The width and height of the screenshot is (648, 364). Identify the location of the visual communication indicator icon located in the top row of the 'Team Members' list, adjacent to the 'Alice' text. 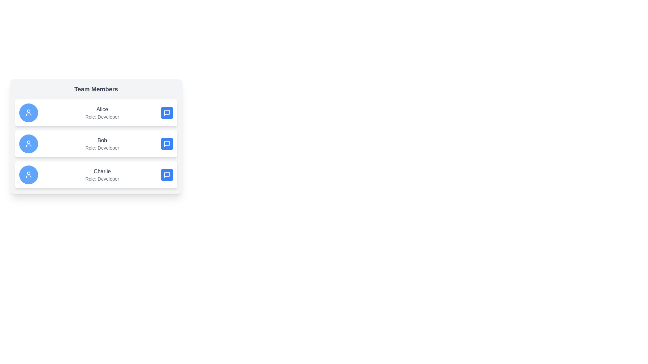
(167, 113).